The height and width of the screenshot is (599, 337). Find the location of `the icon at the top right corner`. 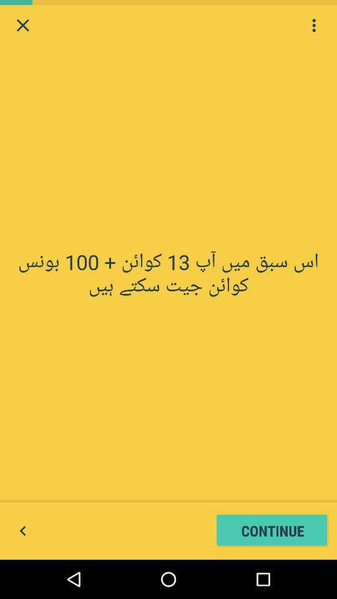

the icon at the top right corner is located at coordinates (313, 24).